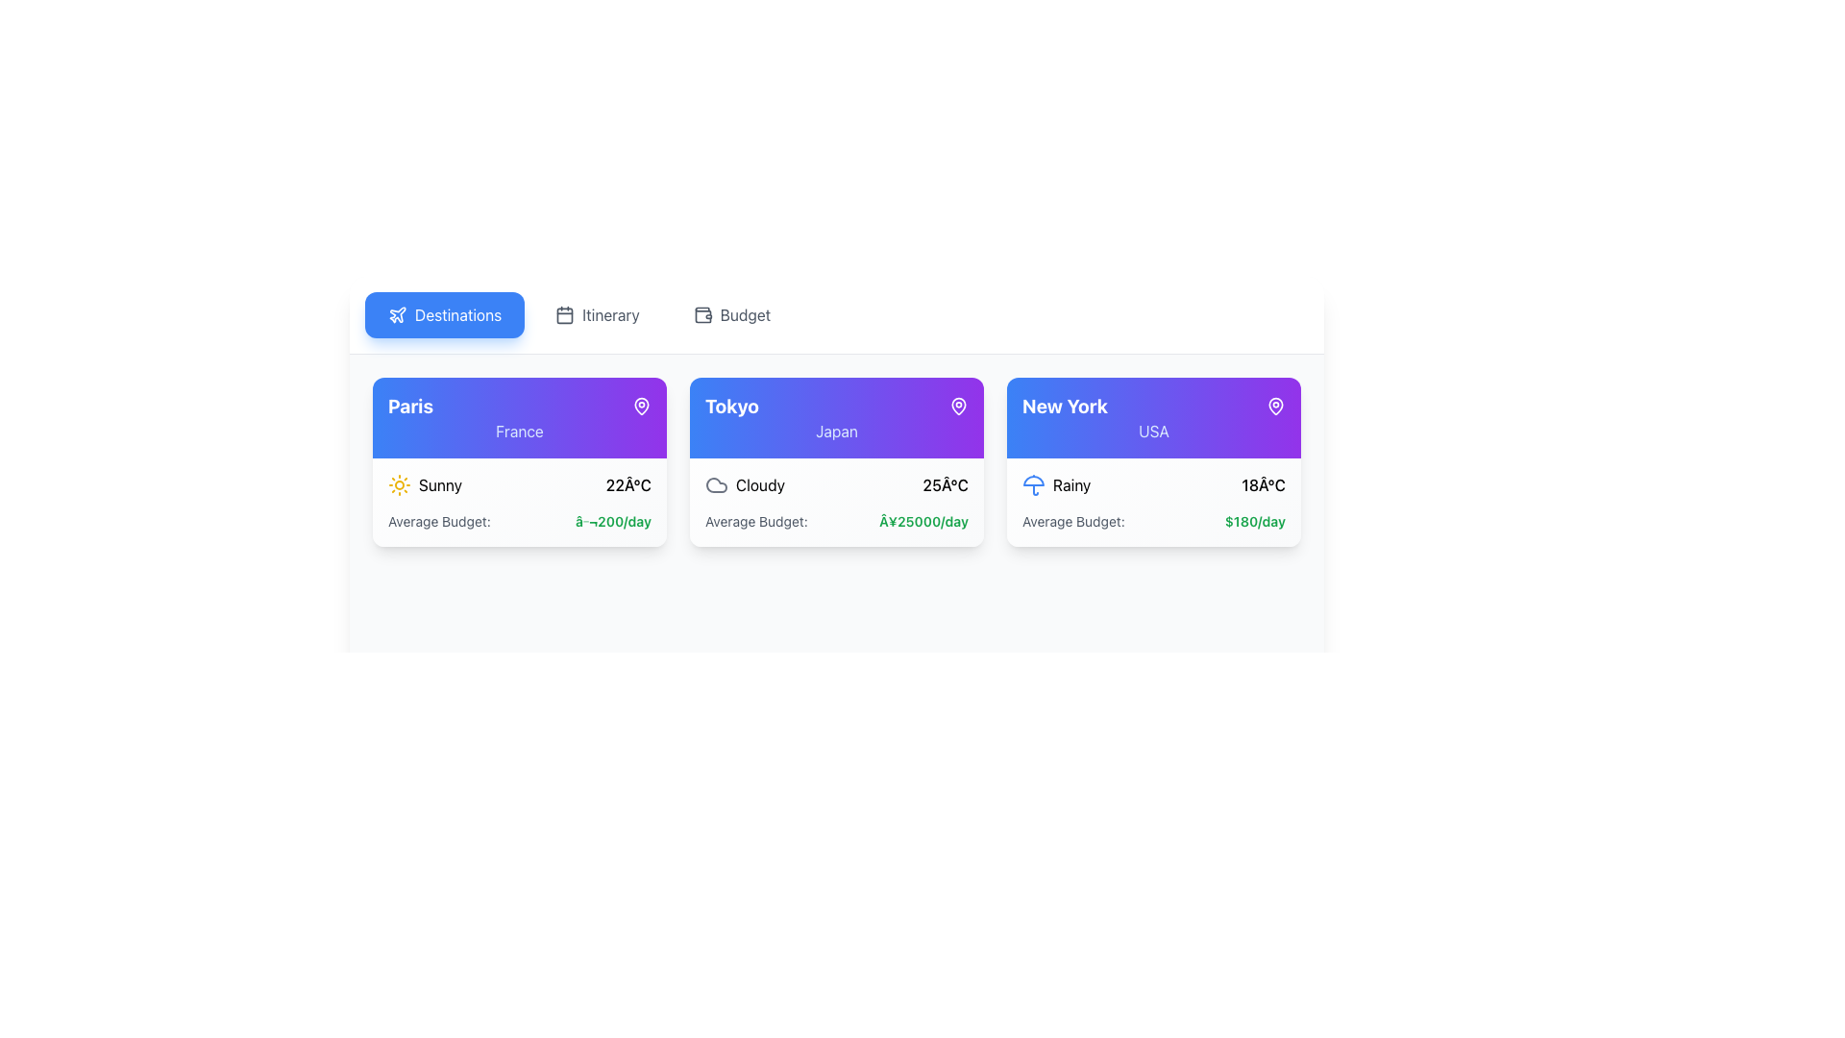 The width and height of the screenshot is (1845, 1038). What do you see at coordinates (1264, 484) in the screenshot?
I see `the static text element displaying the current temperature for New York, located above the budget information and to the right of the weather description` at bounding box center [1264, 484].